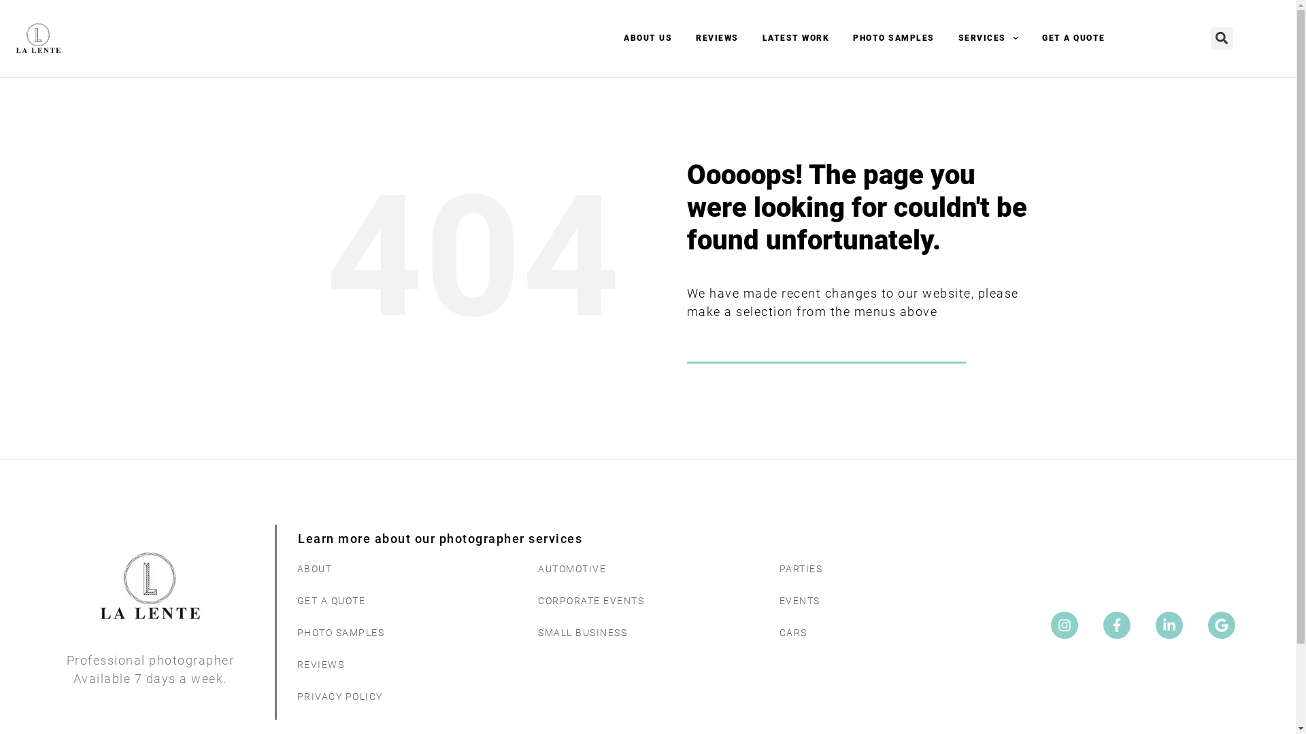 This screenshot has height=734, width=1306. What do you see at coordinates (647, 37) in the screenshot?
I see `'ABOUT US'` at bounding box center [647, 37].